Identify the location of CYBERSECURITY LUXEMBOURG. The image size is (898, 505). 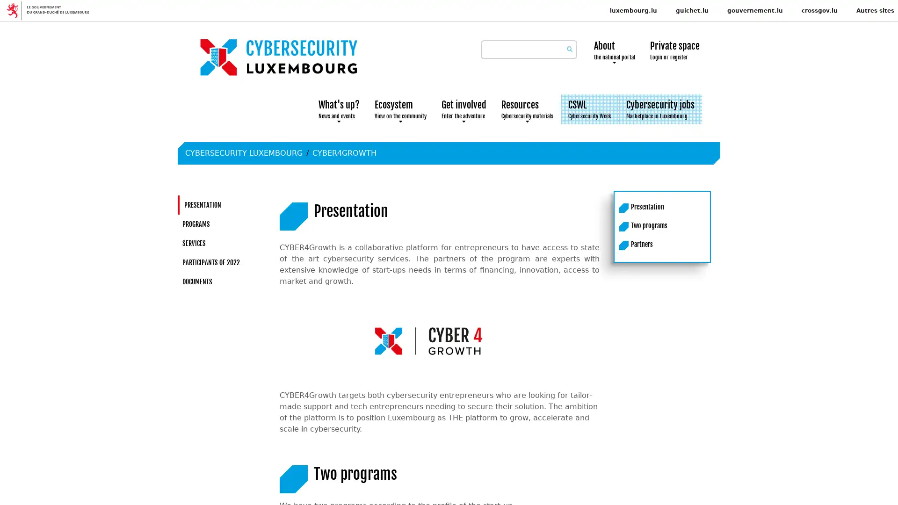
(244, 152).